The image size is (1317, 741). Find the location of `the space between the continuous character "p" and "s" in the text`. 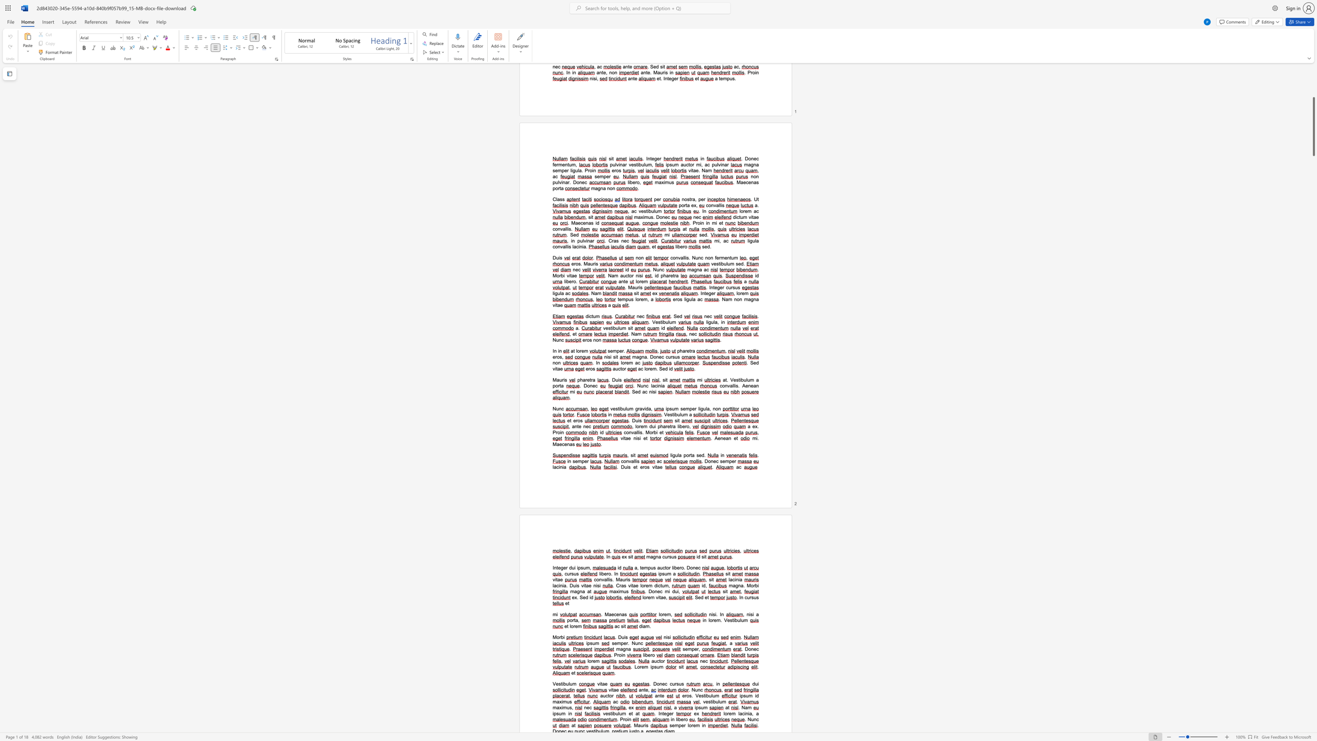

the space between the continuous character "p" and "s" in the text is located at coordinates (654, 666).